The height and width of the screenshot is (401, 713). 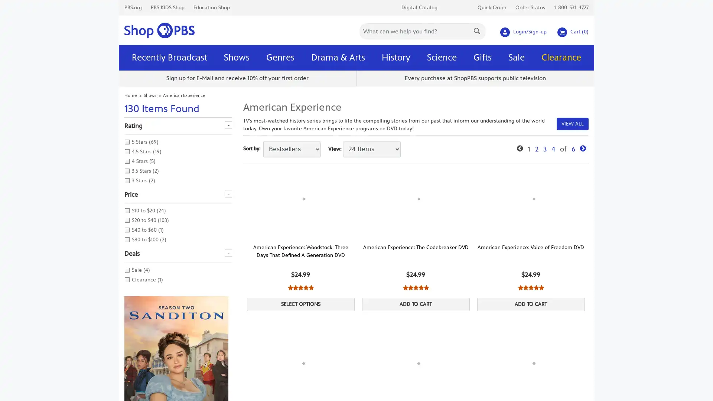 I want to click on Search Products, so click(x=478, y=30).